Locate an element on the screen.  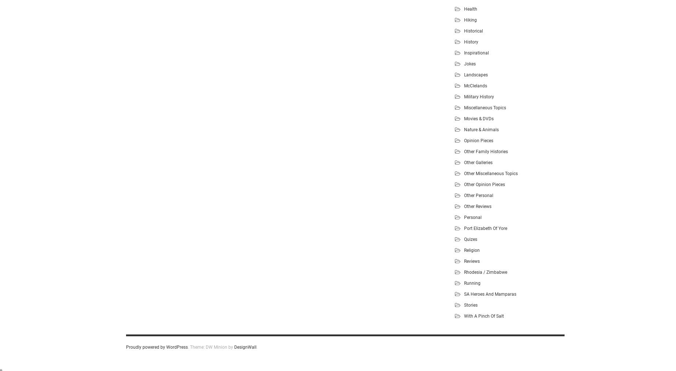
'Opinion Pieces' is located at coordinates (464, 140).